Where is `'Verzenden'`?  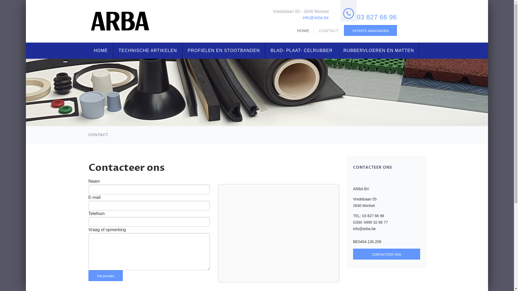
'Verzenden' is located at coordinates (88, 275).